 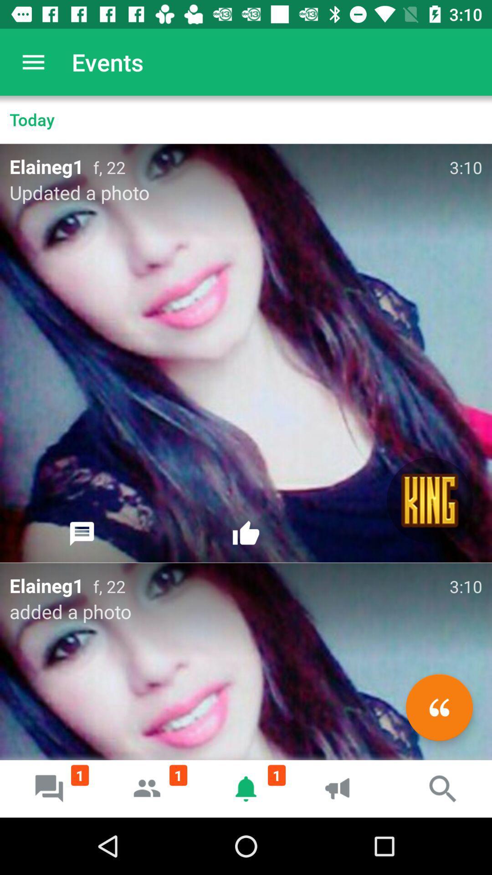 What do you see at coordinates (246, 534) in the screenshot?
I see `like the post` at bounding box center [246, 534].